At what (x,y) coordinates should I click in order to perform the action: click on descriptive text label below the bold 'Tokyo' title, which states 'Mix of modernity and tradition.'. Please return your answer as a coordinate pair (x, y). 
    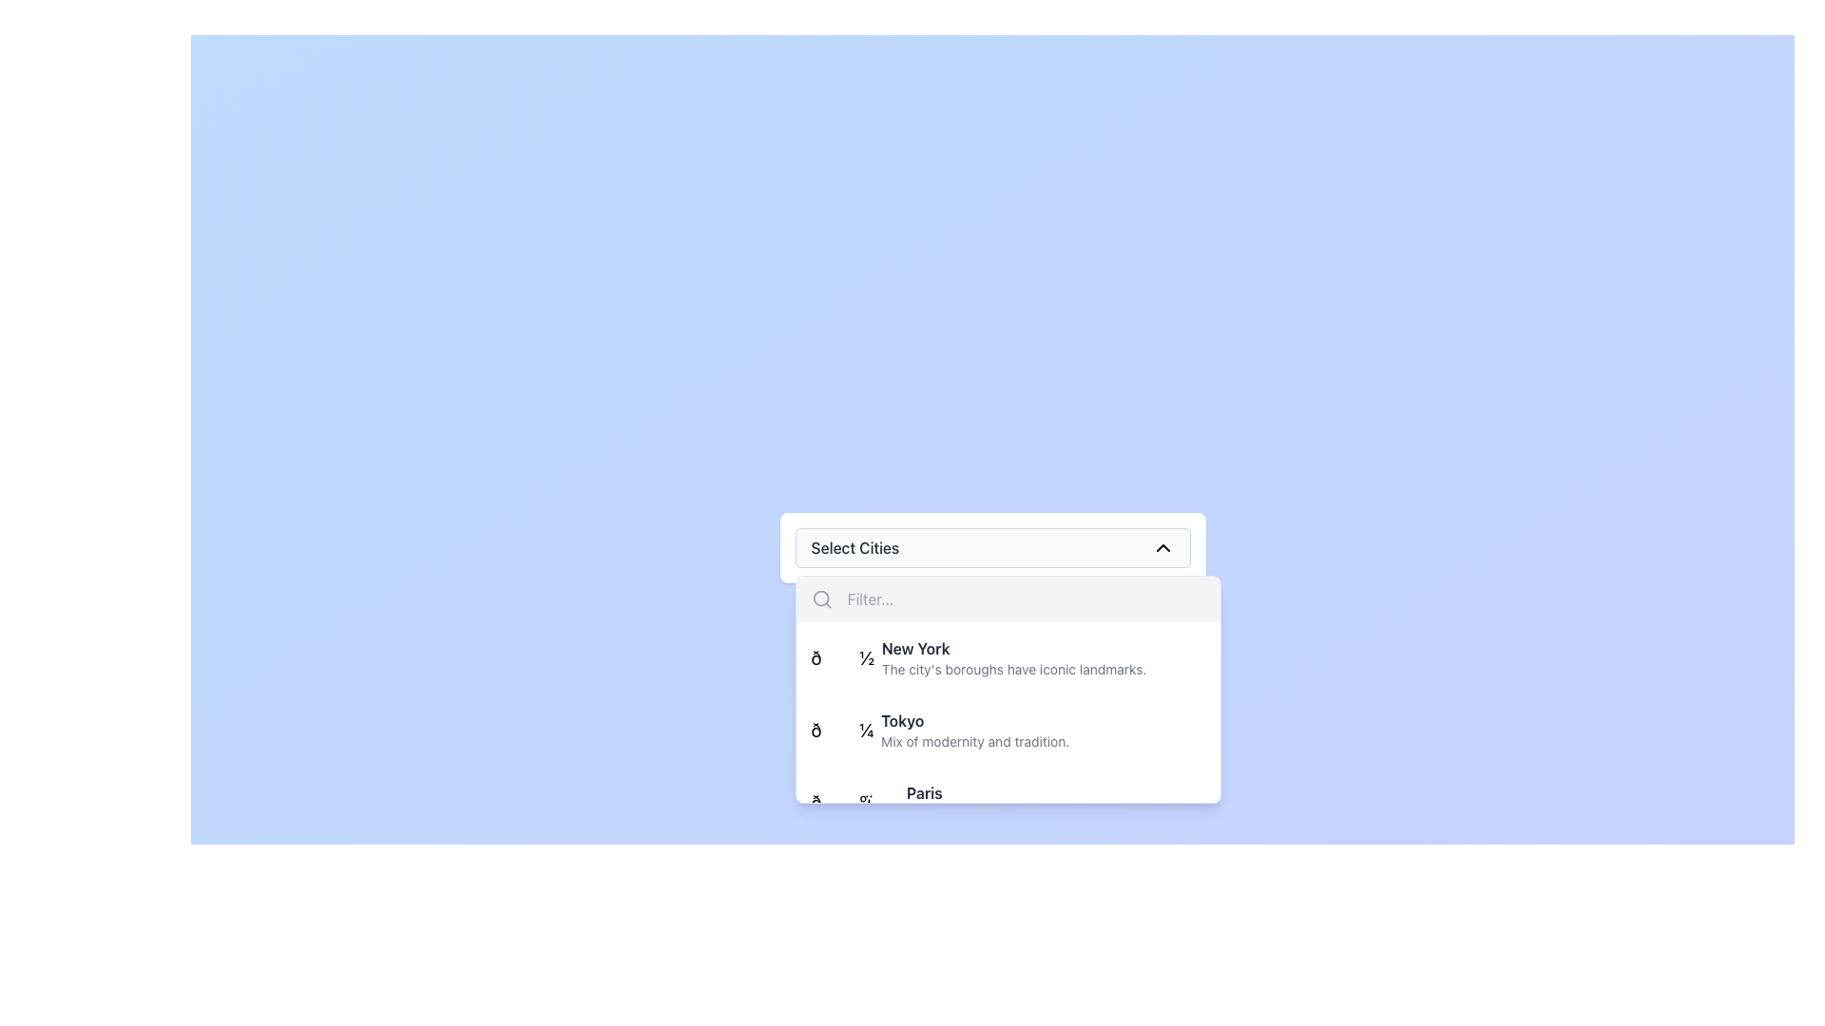
    Looking at the image, I should click on (975, 740).